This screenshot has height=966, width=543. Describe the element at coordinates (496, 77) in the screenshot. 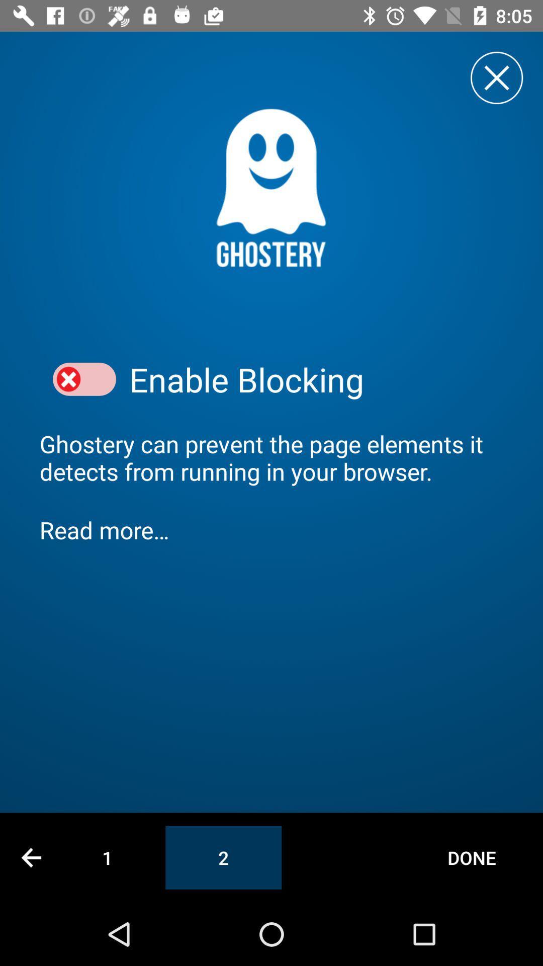

I see `closes the current app 's tab` at that location.